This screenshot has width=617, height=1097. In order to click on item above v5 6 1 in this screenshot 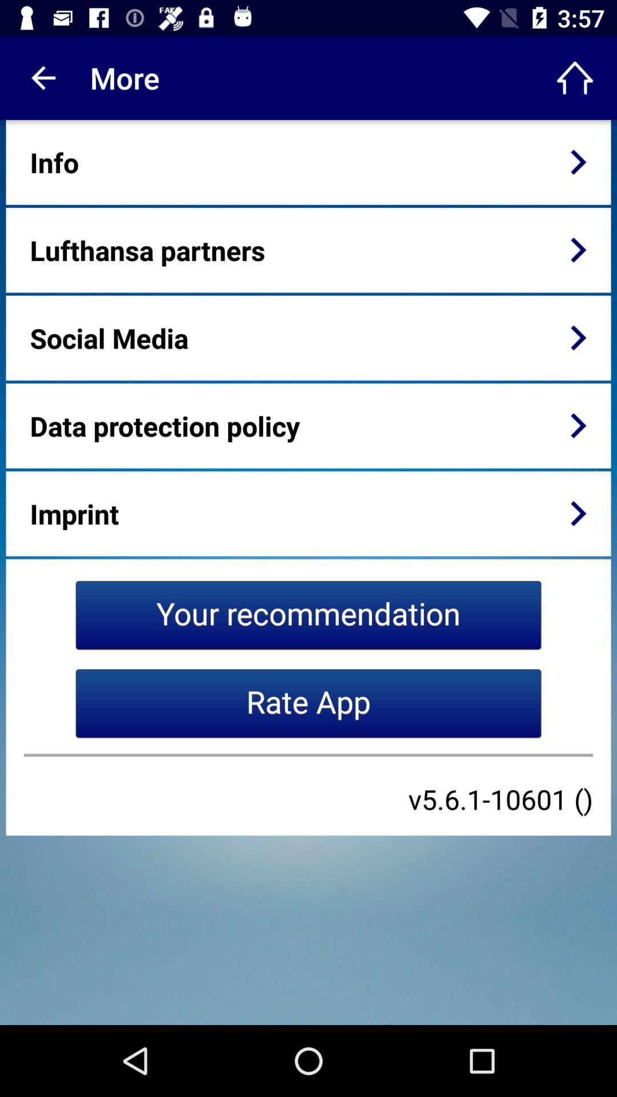, I will do `click(308, 755)`.